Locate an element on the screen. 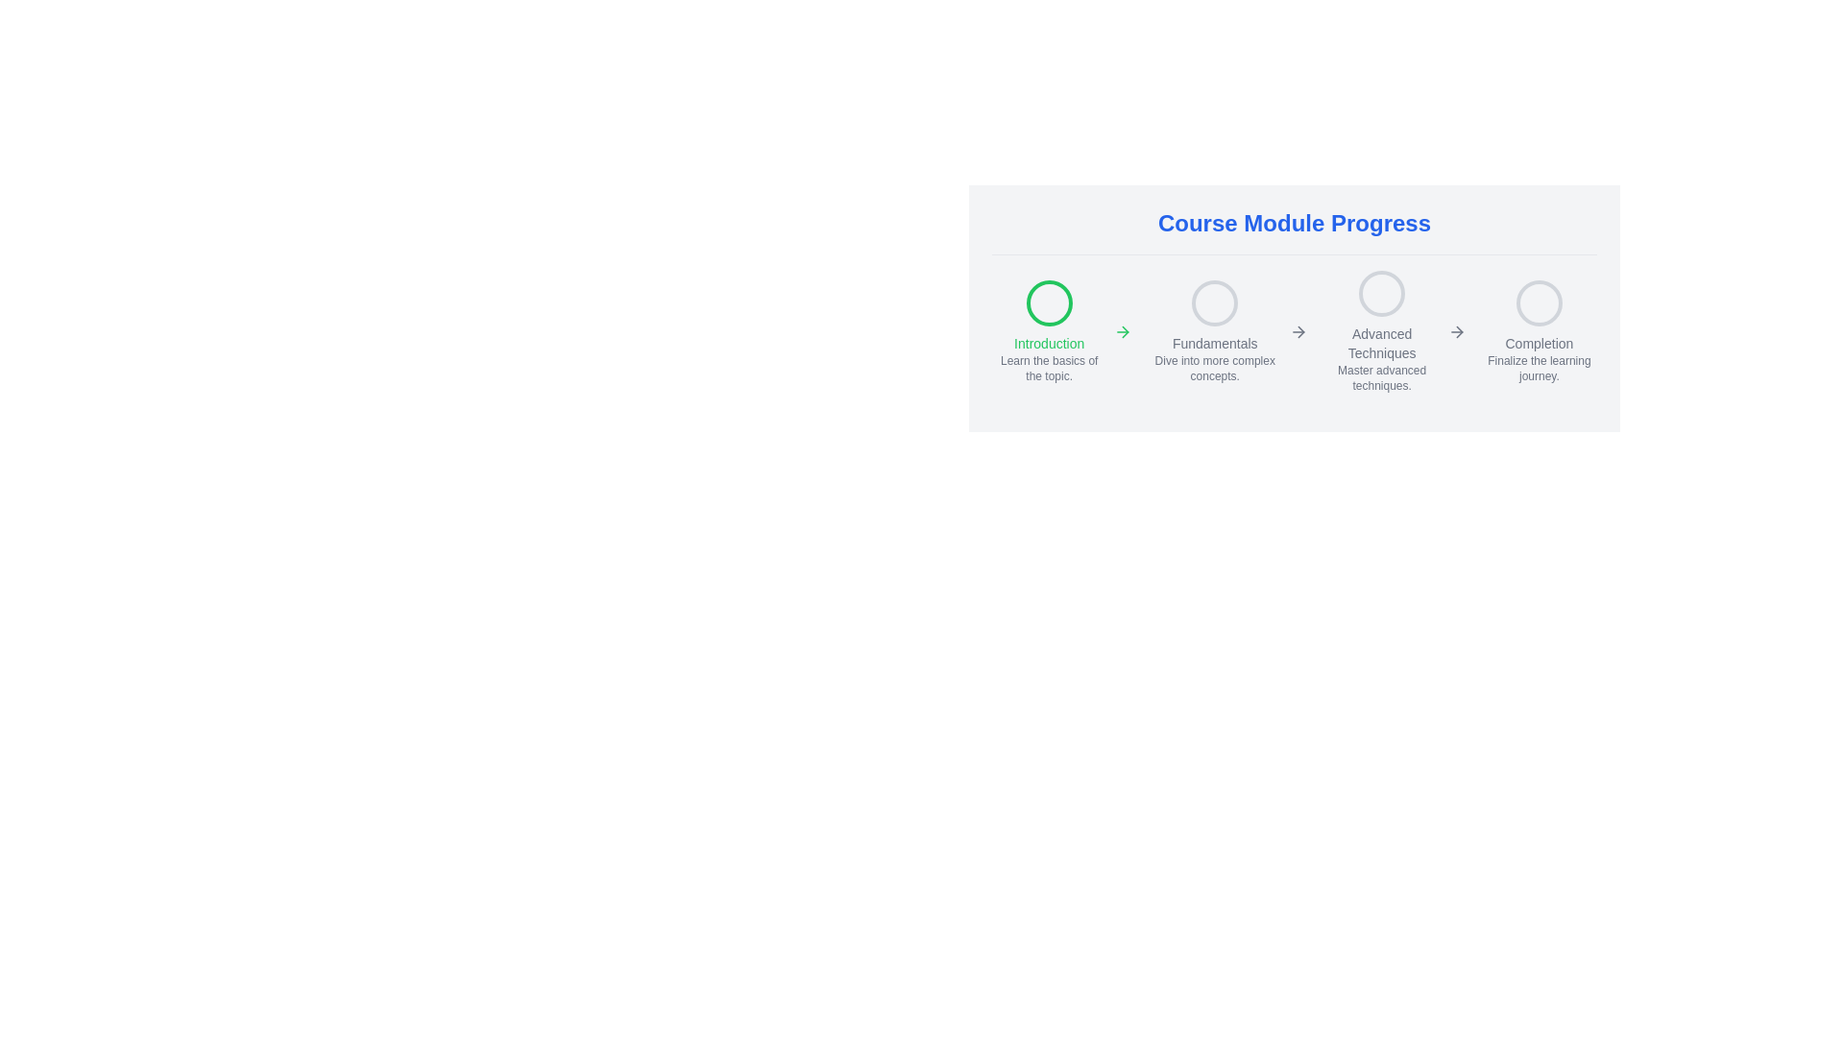 The height and width of the screenshot is (1037, 1844). the Interactive module indicator for the 'Introduction' section of the course module, located to the left of 'Fundamentals', 'Advanced Techniques', and 'Completion' is located at coordinates (1061, 331).